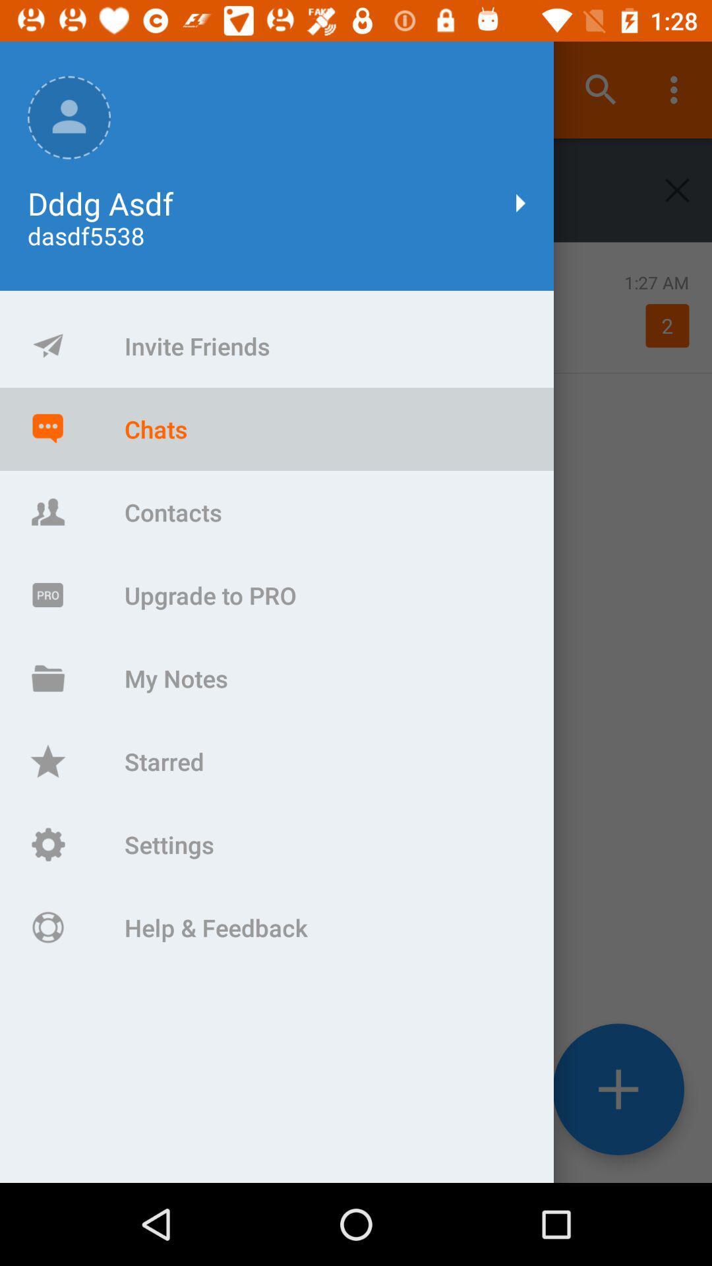 The width and height of the screenshot is (712, 1266). Describe the element at coordinates (618, 1089) in the screenshot. I see `new contact` at that location.